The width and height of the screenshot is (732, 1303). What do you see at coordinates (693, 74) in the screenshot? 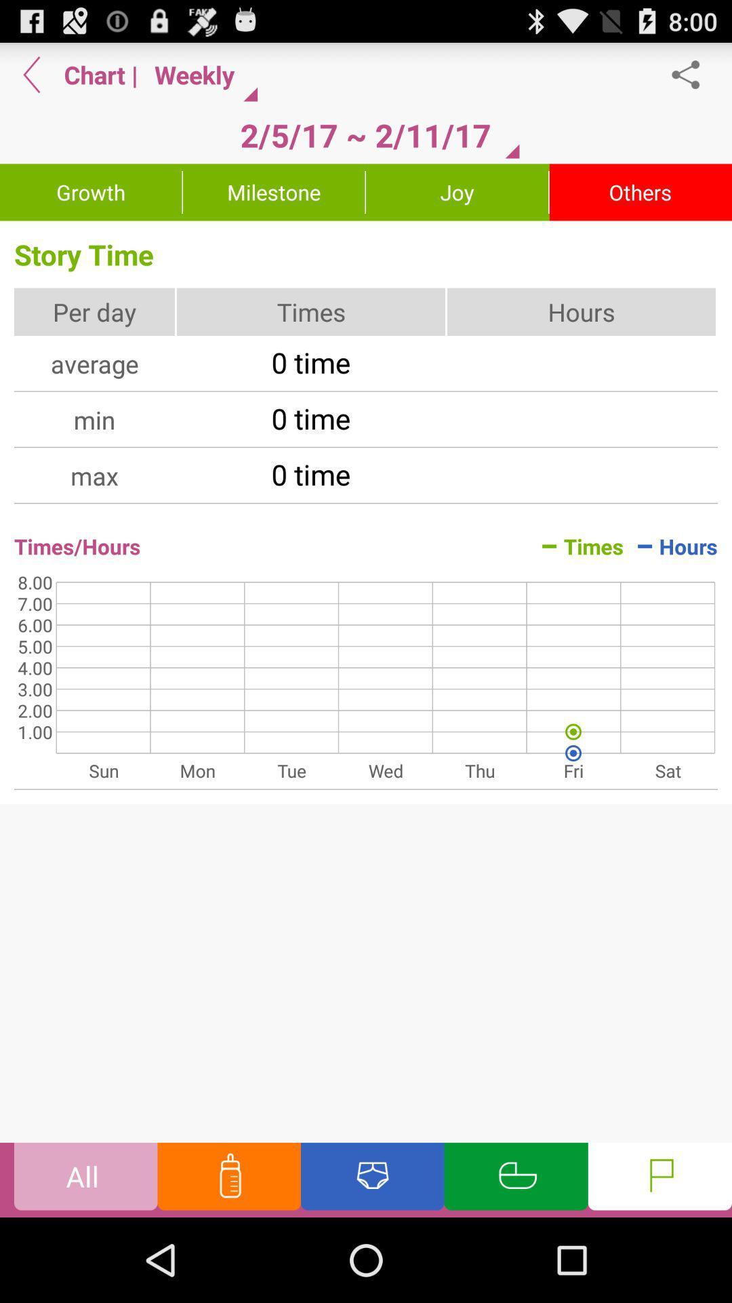
I see `the icon above the others button` at bounding box center [693, 74].